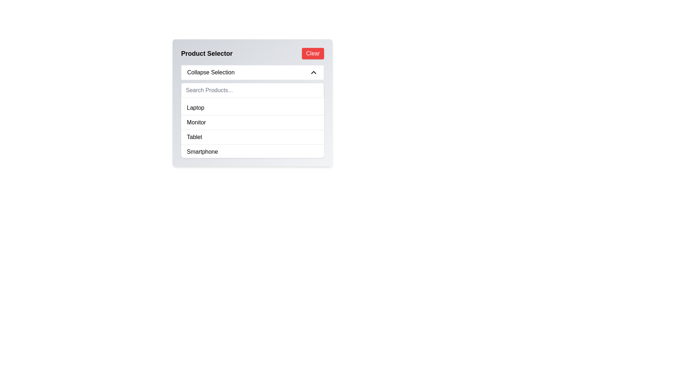 Image resolution: width=686 pixels, height=386 pixels. What do you see at coordinates (196, 122) in the screenshot?
I see `the 'Monitor' list item in the 'Product Selector' dropdown menu` at bounding box center [196, 122].